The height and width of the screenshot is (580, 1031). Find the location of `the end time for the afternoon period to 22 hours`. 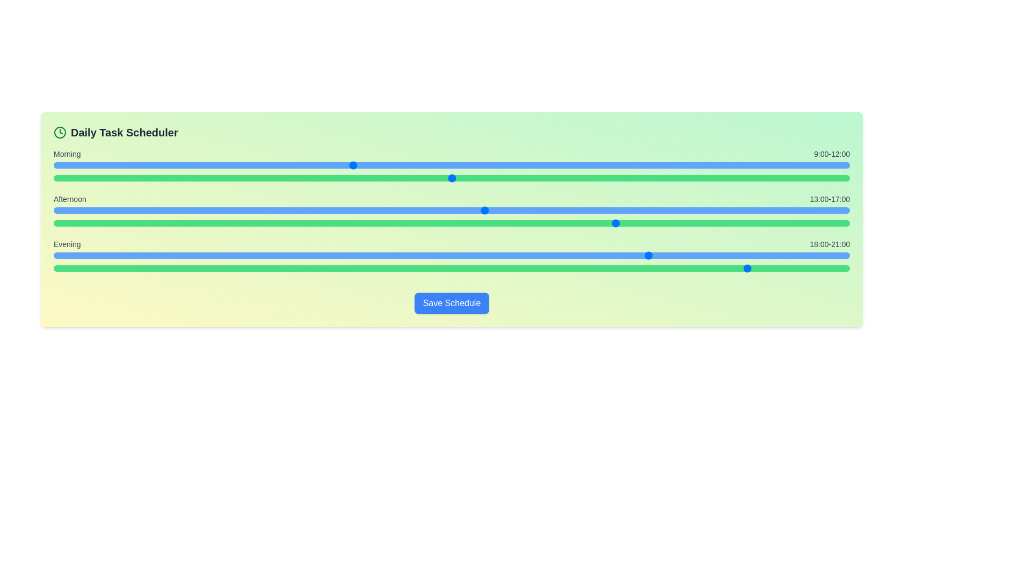

the end time for the afternoon period to 22 hours is located at coordinates (705, 223).